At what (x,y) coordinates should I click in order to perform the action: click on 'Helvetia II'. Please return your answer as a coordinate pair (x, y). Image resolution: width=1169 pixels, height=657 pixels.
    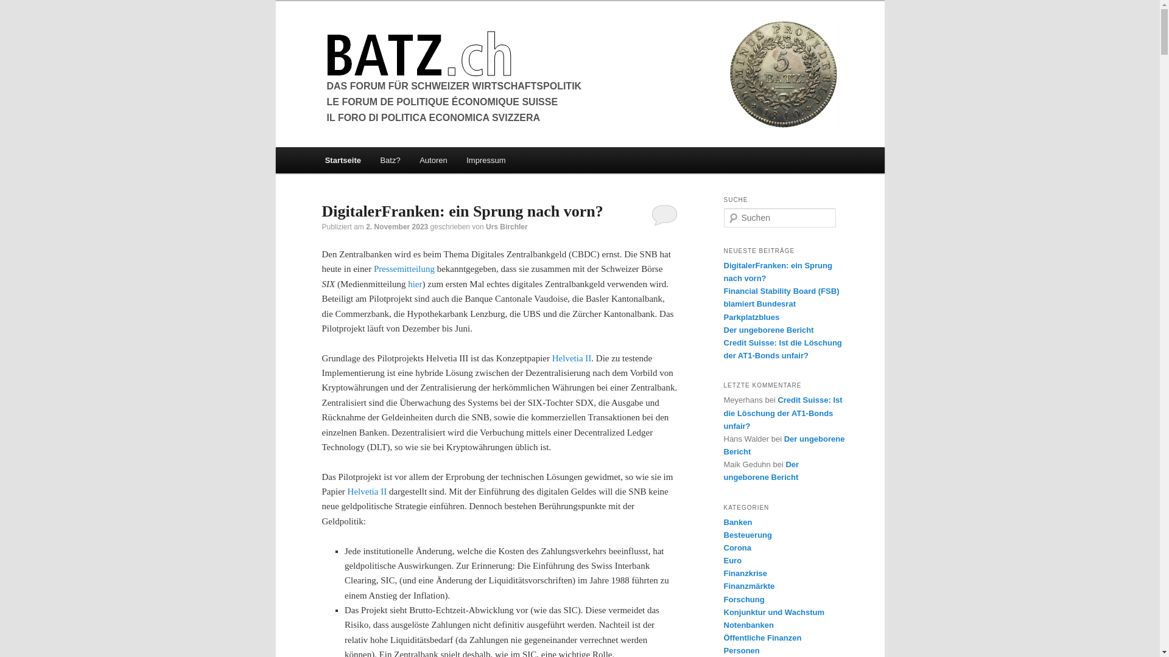
    Looking at the image, I should click on (552, 358).